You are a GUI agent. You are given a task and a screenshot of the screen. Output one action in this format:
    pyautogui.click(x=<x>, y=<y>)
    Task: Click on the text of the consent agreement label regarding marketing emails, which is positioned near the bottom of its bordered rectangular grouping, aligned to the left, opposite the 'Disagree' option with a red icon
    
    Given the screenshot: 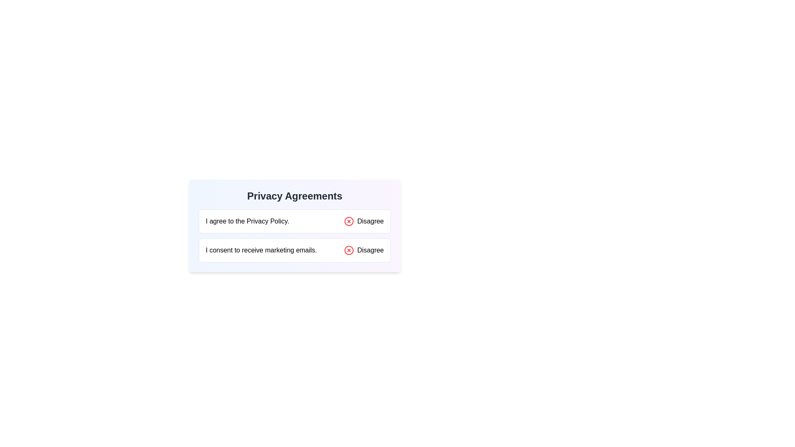 What is the action you would take?
    pyautogui.click(x=261, y=250)
    